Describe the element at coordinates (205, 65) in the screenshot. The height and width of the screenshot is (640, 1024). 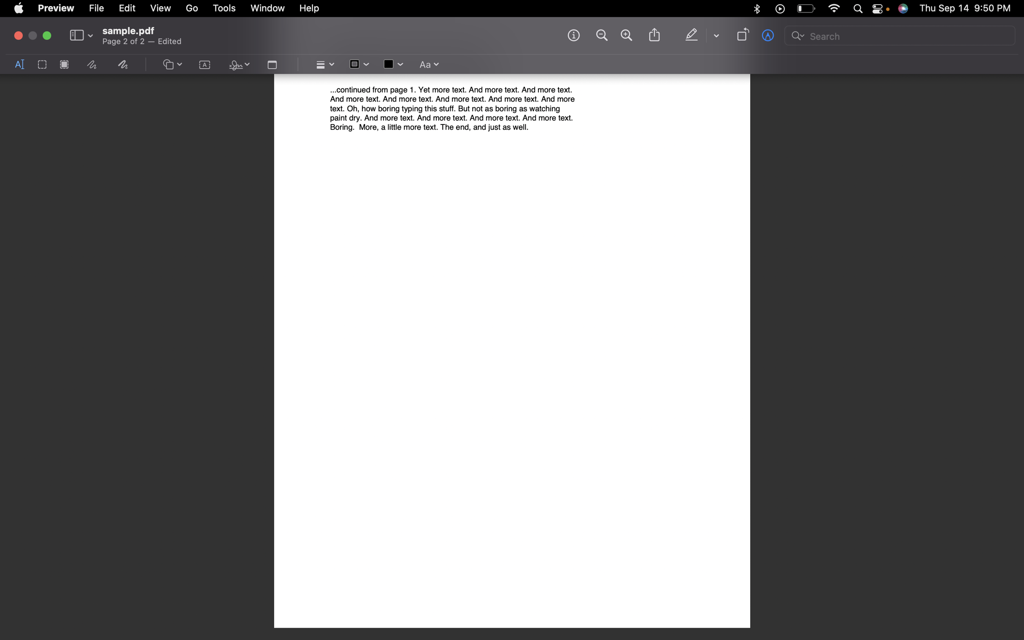
I see `Activate the text panel` at that location.